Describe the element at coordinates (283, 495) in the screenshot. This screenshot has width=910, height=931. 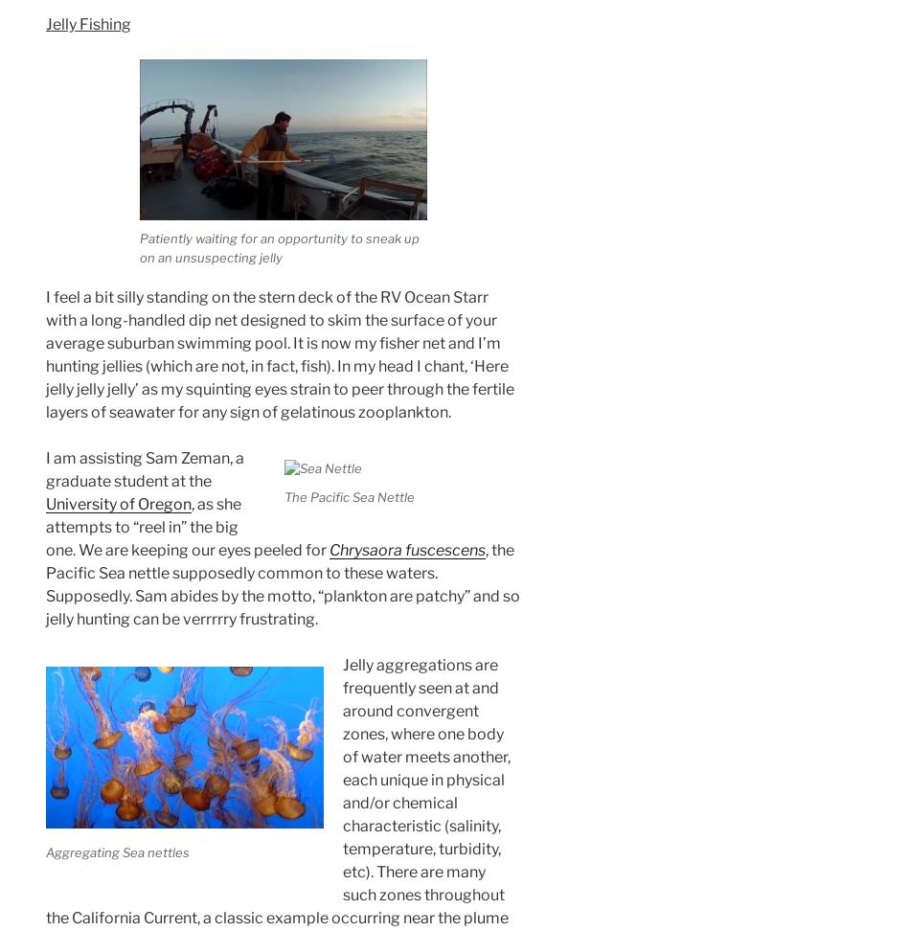
I see `'The Pacific Sea Nettle'` at that location.